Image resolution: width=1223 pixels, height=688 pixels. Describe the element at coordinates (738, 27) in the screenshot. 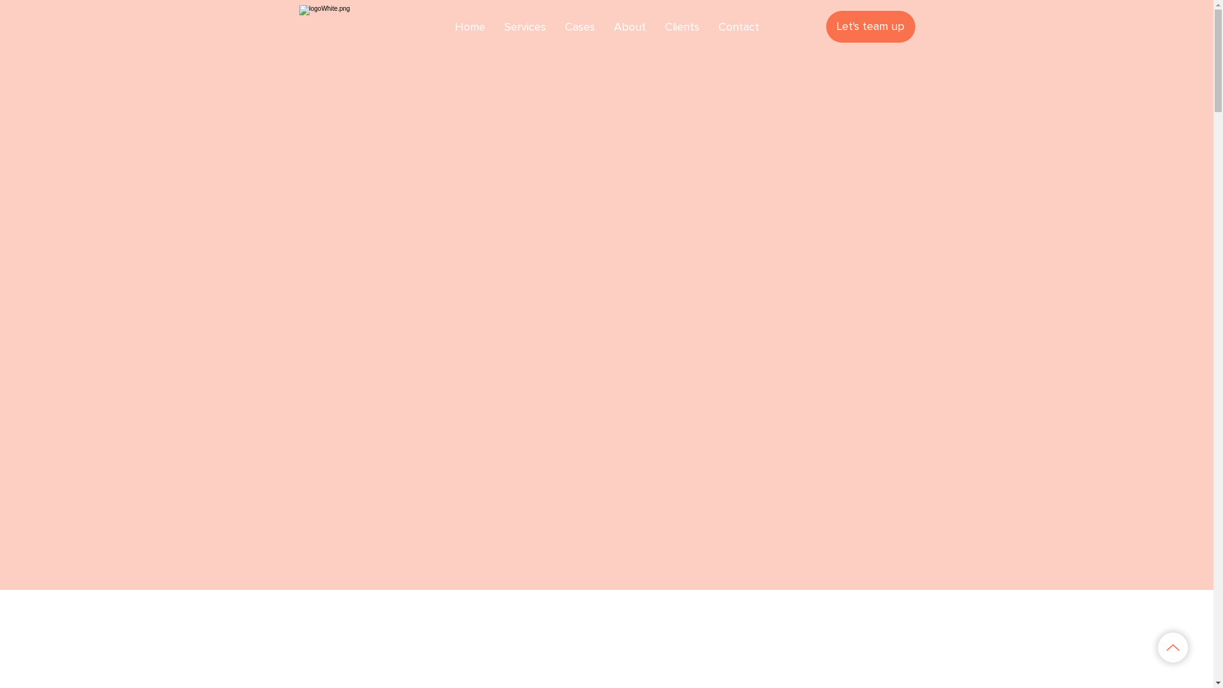

I see `'Contact'` at that location.